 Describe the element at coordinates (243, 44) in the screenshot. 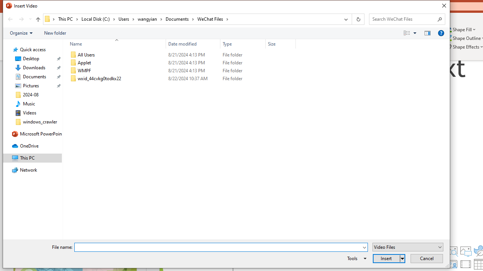

I see `'Type'` at that location.